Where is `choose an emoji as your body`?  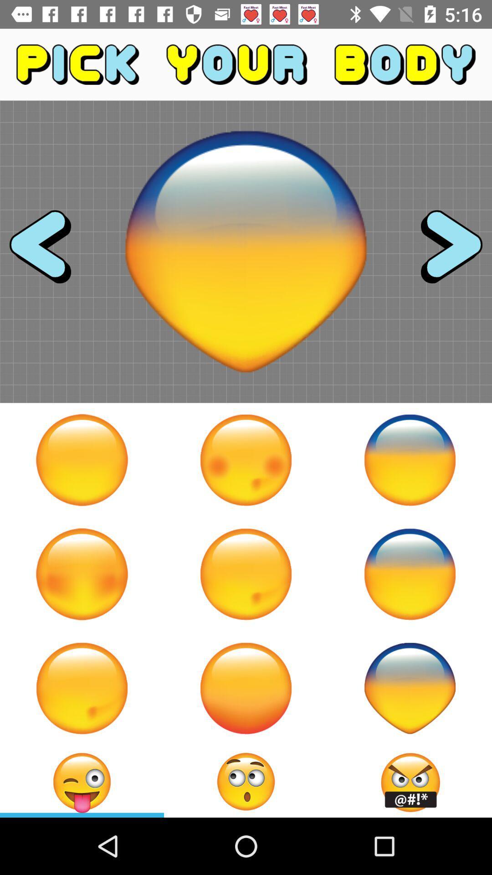
choose an emoji as your body is located at coordinates (246, 781).